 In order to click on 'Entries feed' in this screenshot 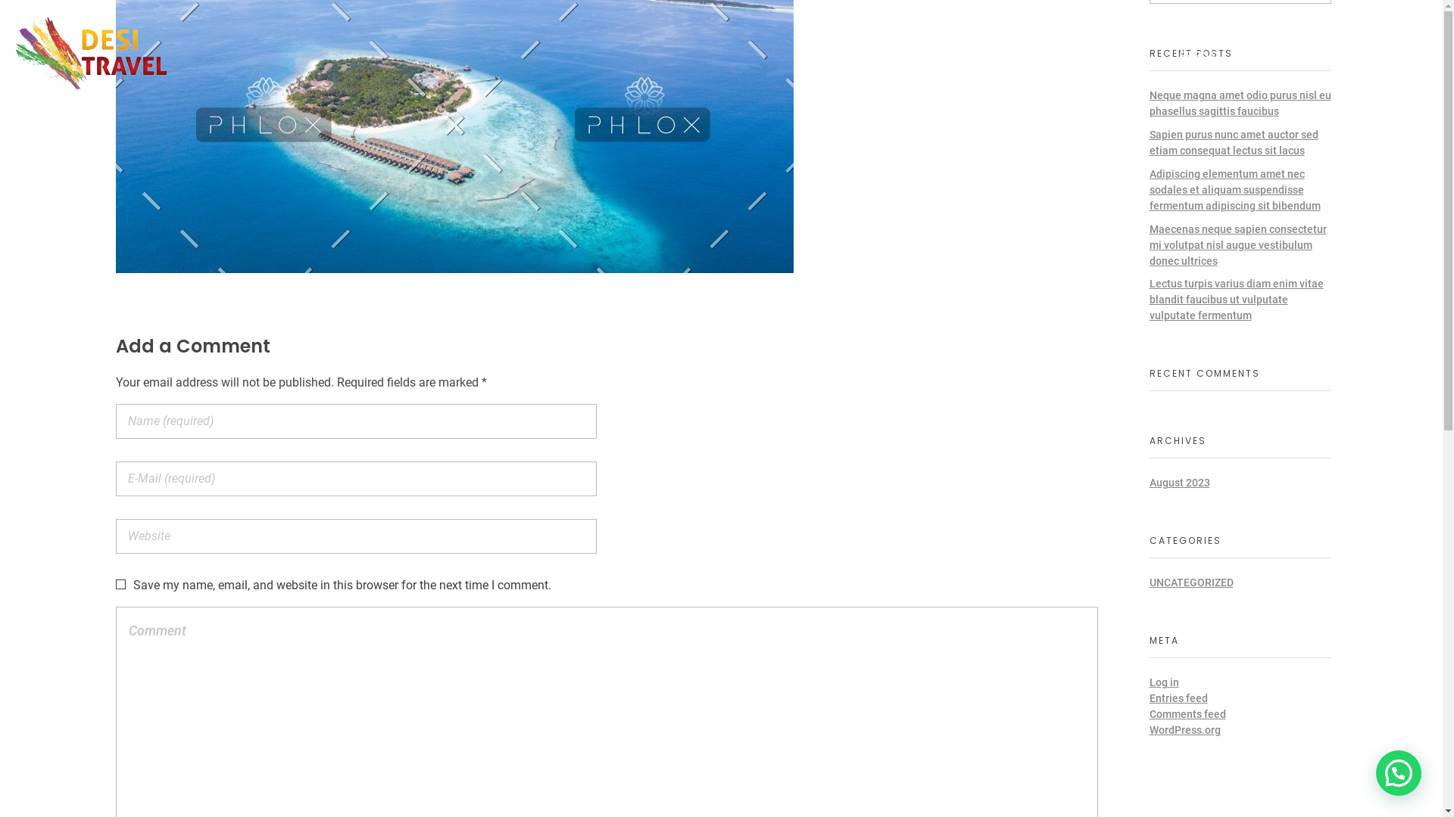, I will do `click(1178, 697)`.